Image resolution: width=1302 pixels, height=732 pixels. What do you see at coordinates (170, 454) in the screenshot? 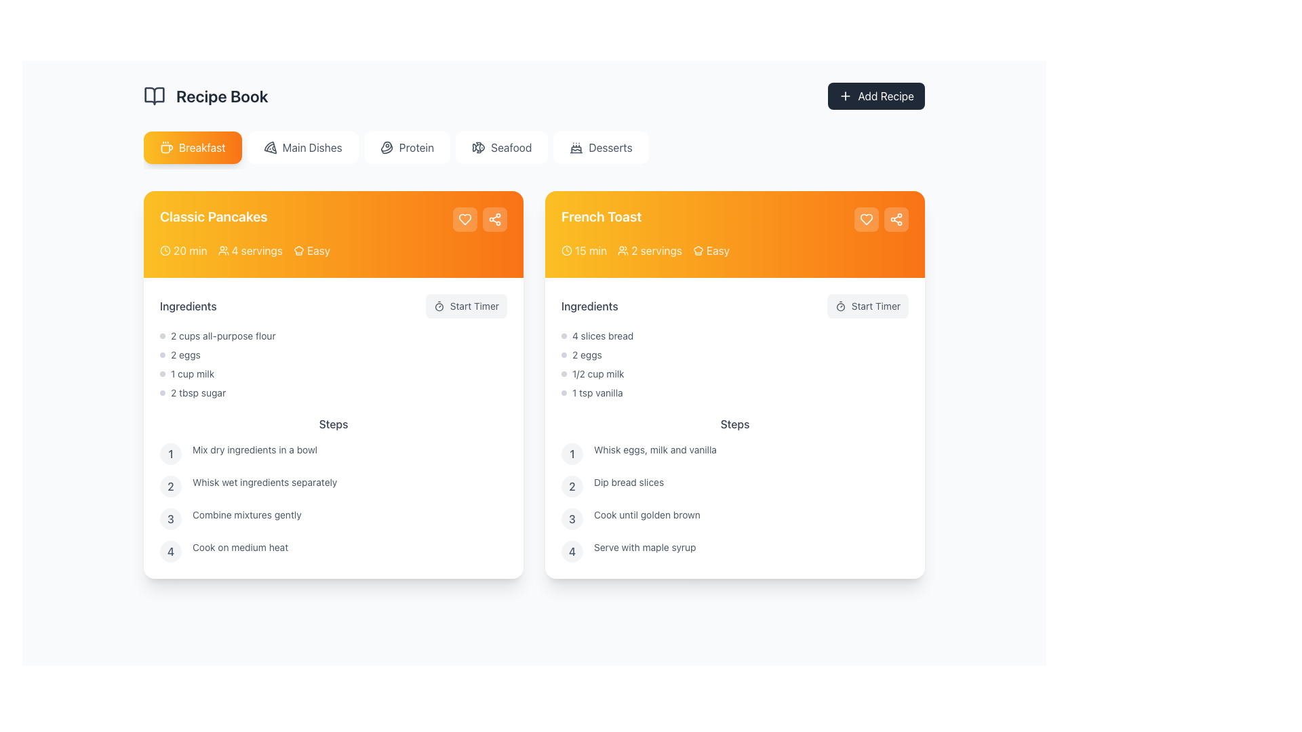
I see `the numeral '1' within the light gray circular background in the 'Steps' section of the 'Classic Pancakes' recipe card` at bounding box center [170, 454].